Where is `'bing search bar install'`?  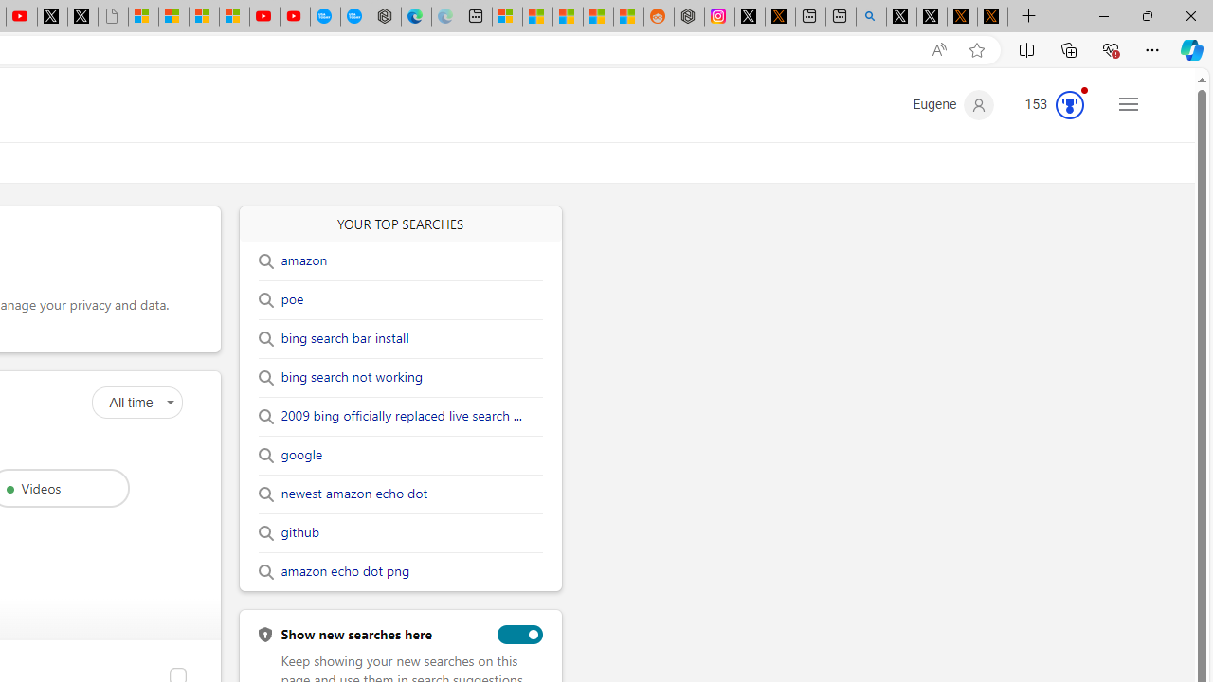 'bing search bar install' is located at coordinates (345, 337).